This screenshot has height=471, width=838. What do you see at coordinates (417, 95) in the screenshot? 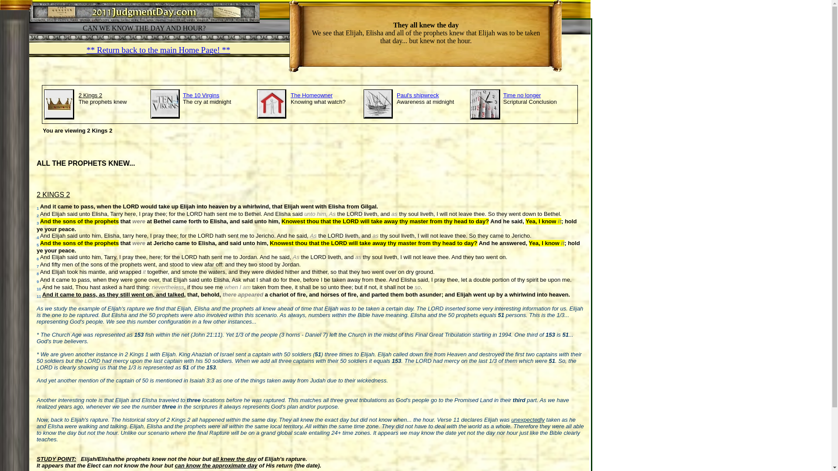
I see `'Paul's shipwreck'` at bounding box center [417, 95].